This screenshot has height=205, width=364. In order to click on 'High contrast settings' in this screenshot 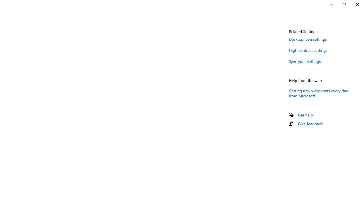, I will do `click(308, 50)`.